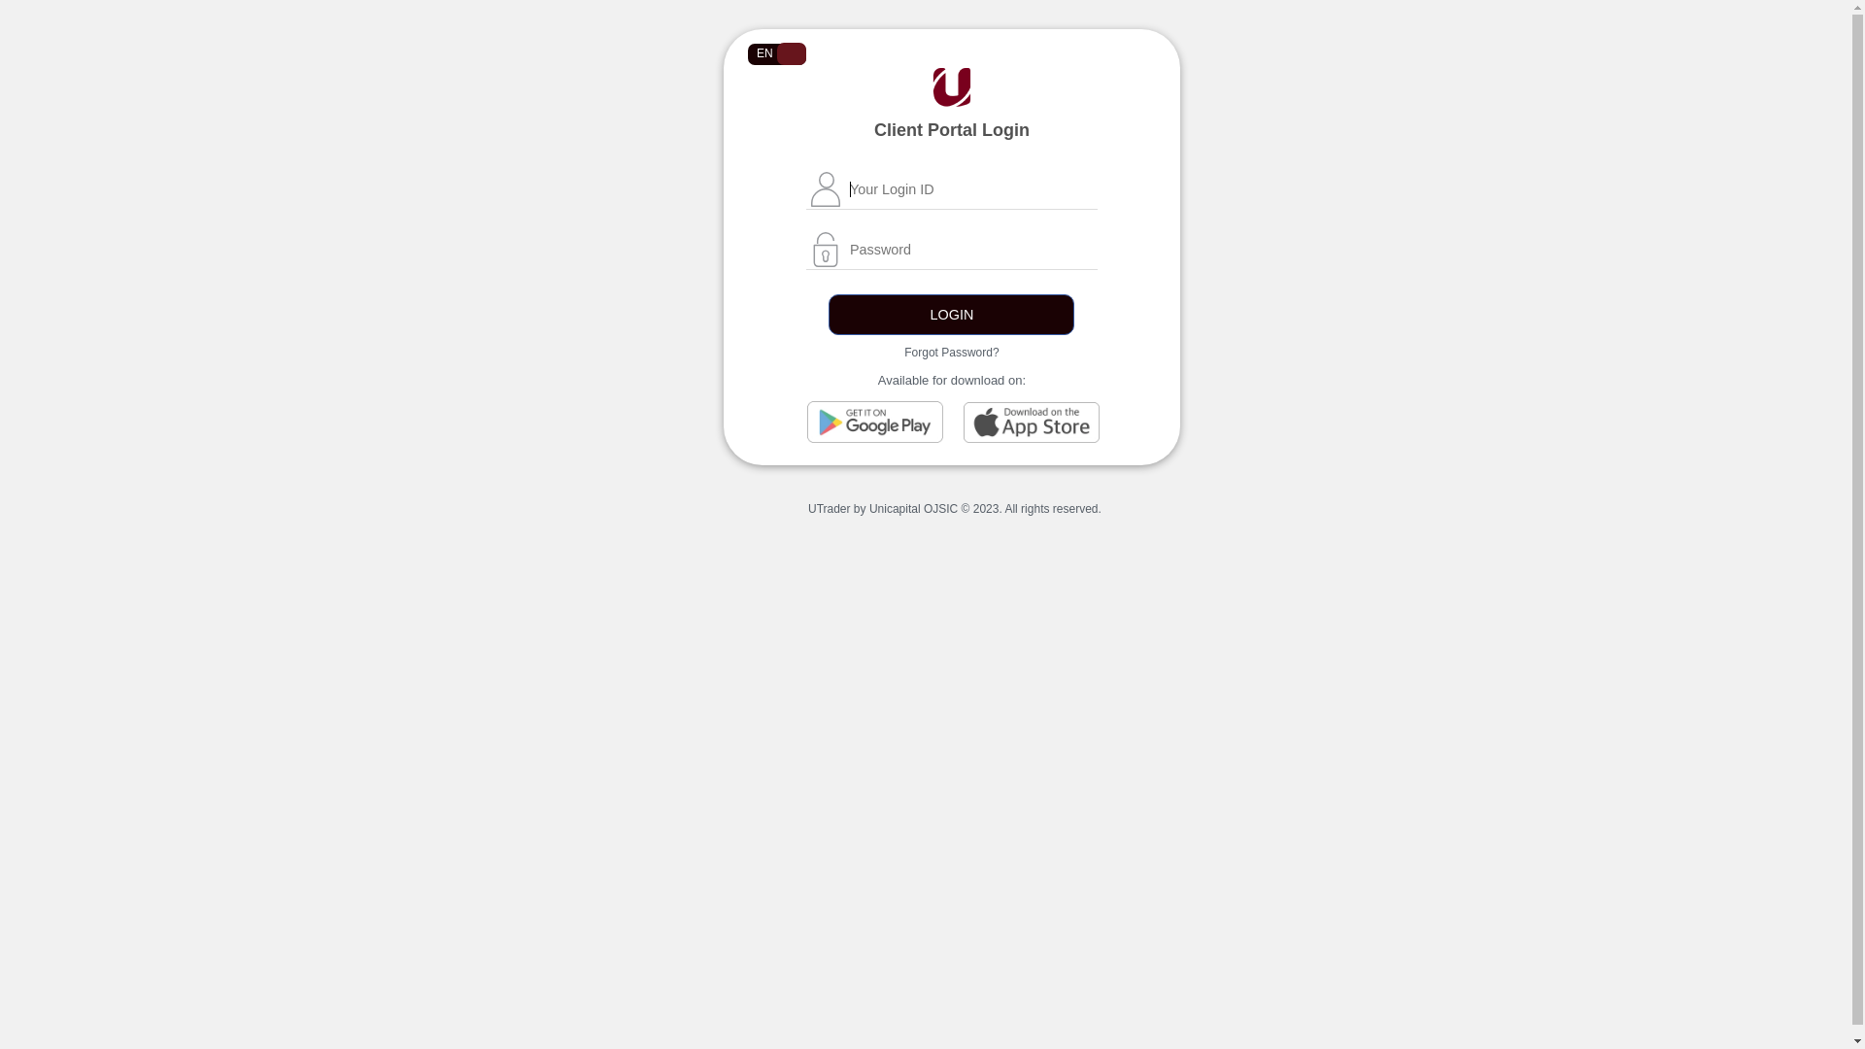 This screenshot has height=1049, width=1865. Describe the element at coordinates (746, 53) in the screenshot. I see `'EN'` at that location.